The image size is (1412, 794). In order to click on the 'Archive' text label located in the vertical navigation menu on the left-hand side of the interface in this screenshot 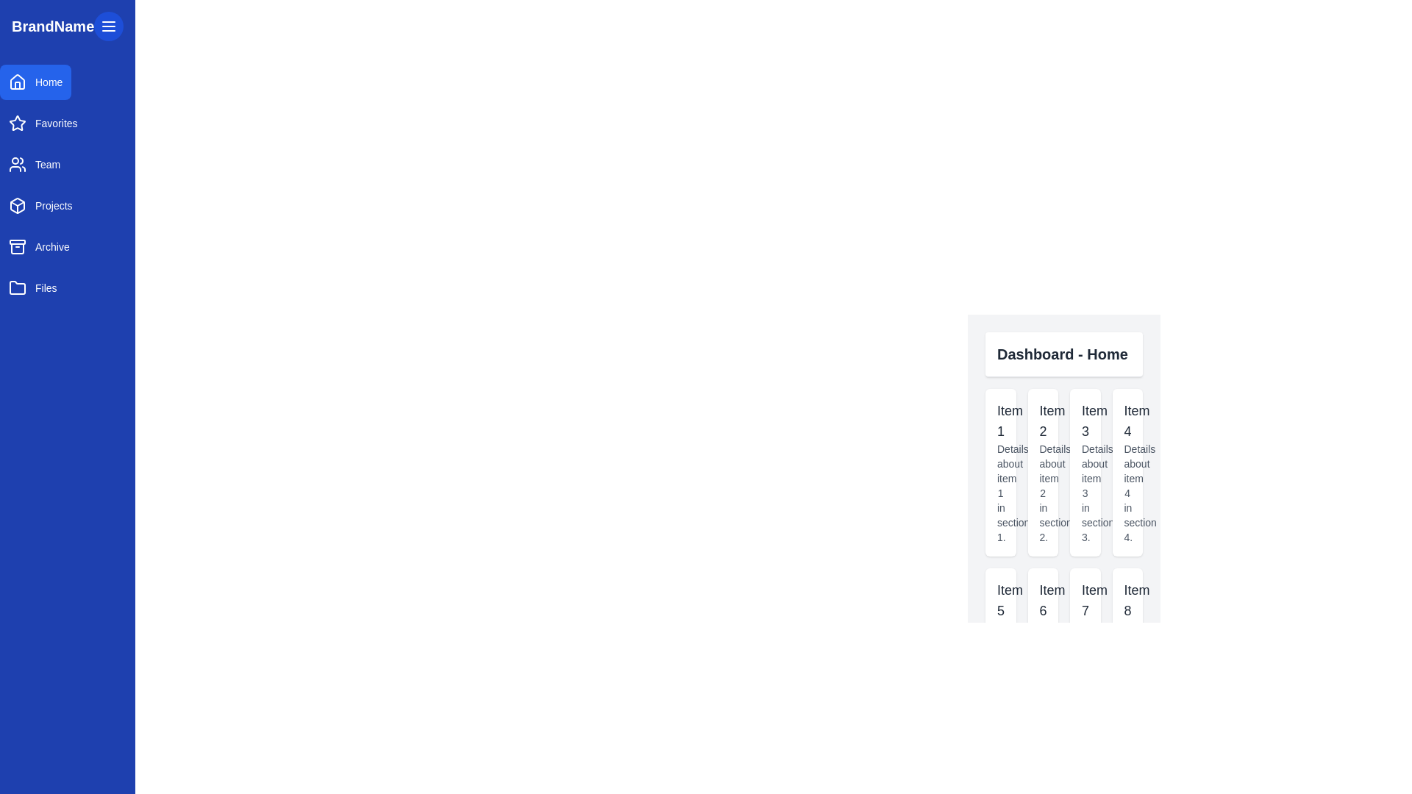, I will do `click(52, 246)`.